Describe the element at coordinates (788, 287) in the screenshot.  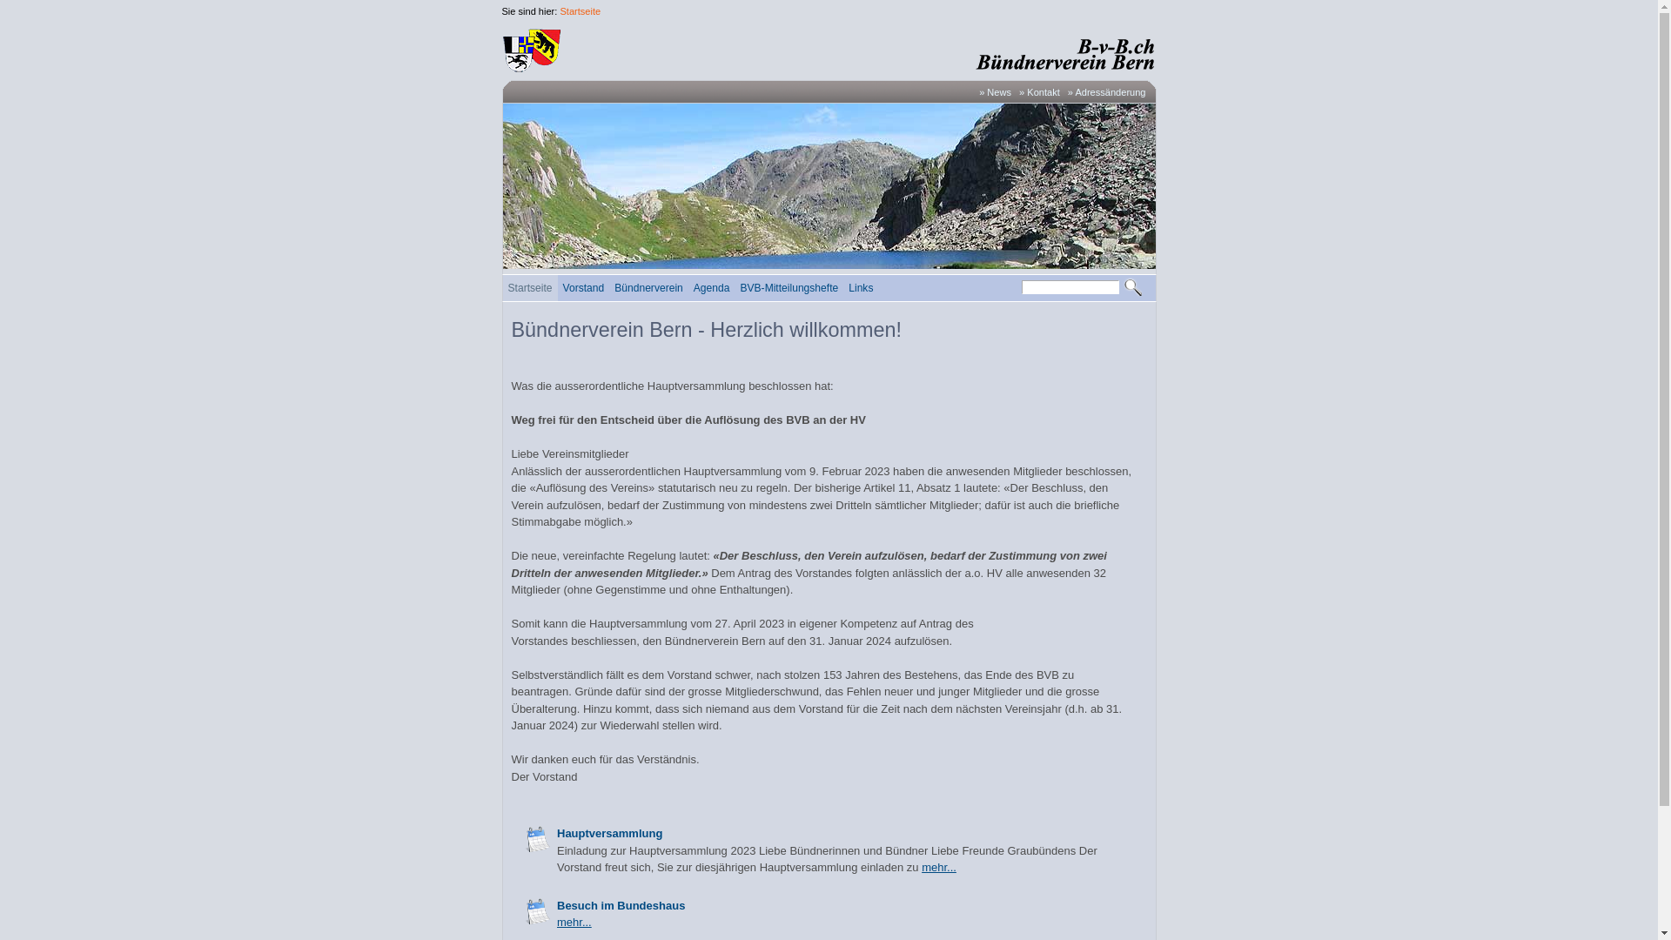
I see `'BVB-Mitteilungshefte'` at that location.